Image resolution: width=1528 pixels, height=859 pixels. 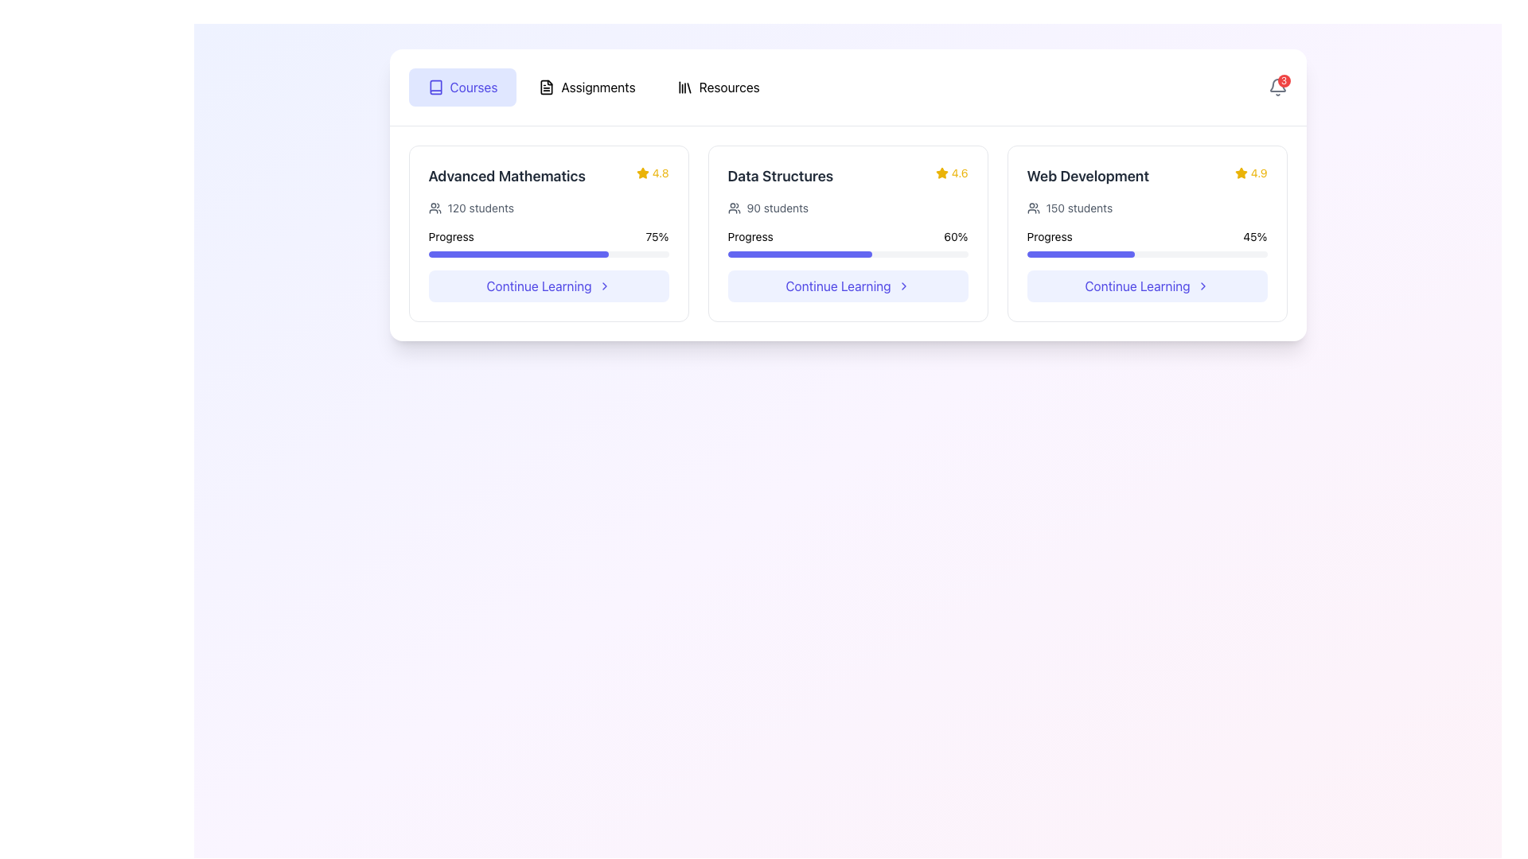 I want to click on the star-shaped yellow icon used for ratings, located in the top-right corner of the 'Data Structures' card, adjacent to the text '4.6', so click(x=941, y=173).